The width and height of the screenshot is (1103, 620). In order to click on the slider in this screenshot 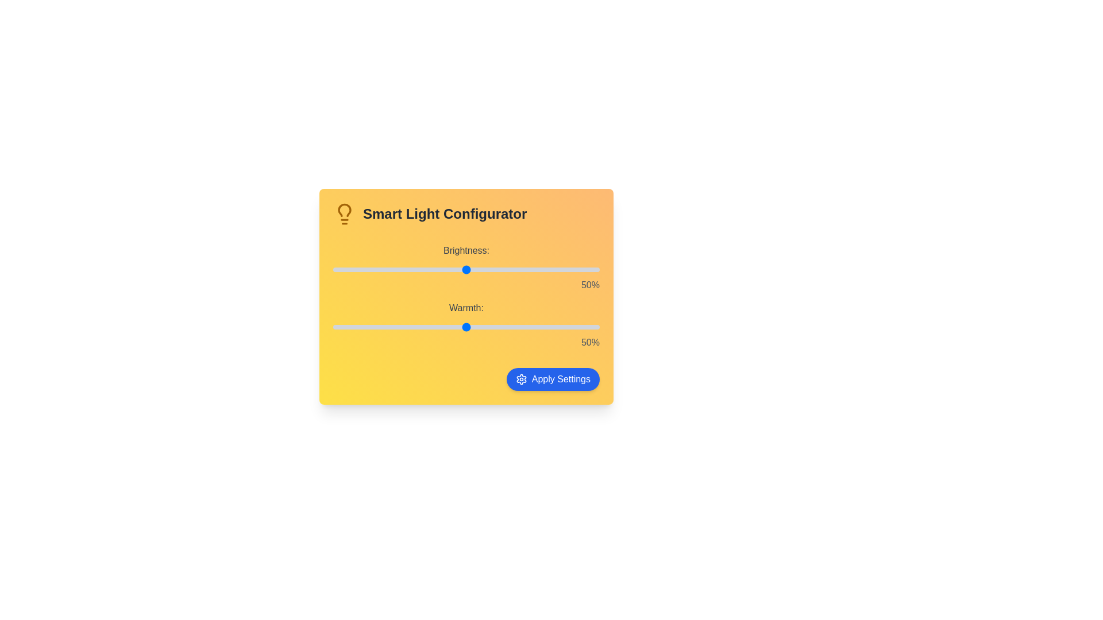, I will do `click(592, 327)`.